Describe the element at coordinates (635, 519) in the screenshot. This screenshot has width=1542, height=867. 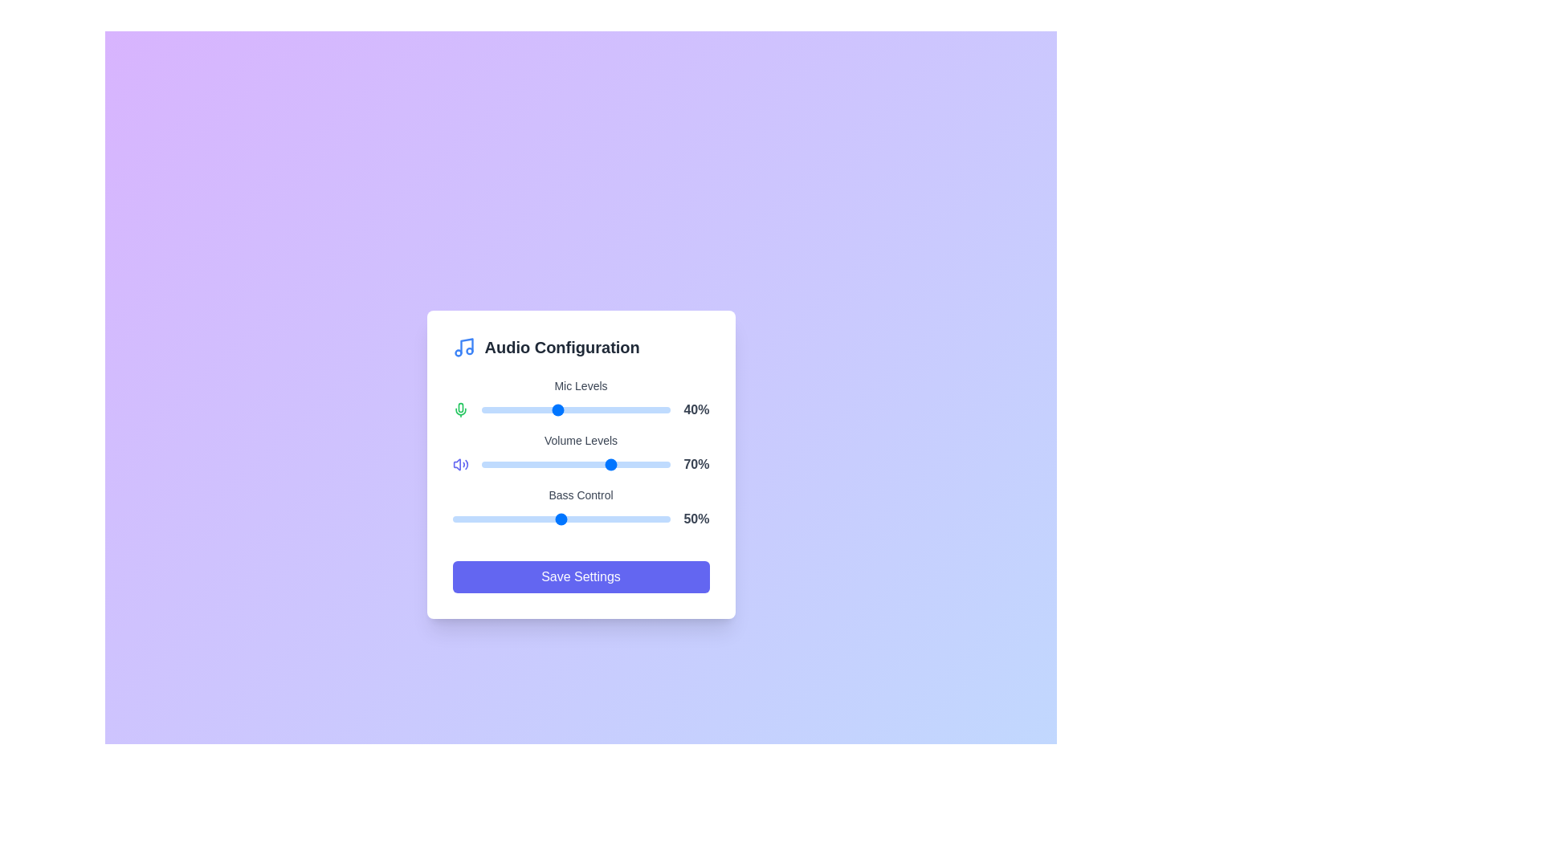
I see `the Bass Control slider to 84% by dragging the slider` at that location.